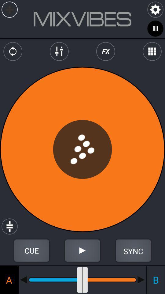 This screenshot has height=294, width=165. I want to click on cue, so click(31, 251).